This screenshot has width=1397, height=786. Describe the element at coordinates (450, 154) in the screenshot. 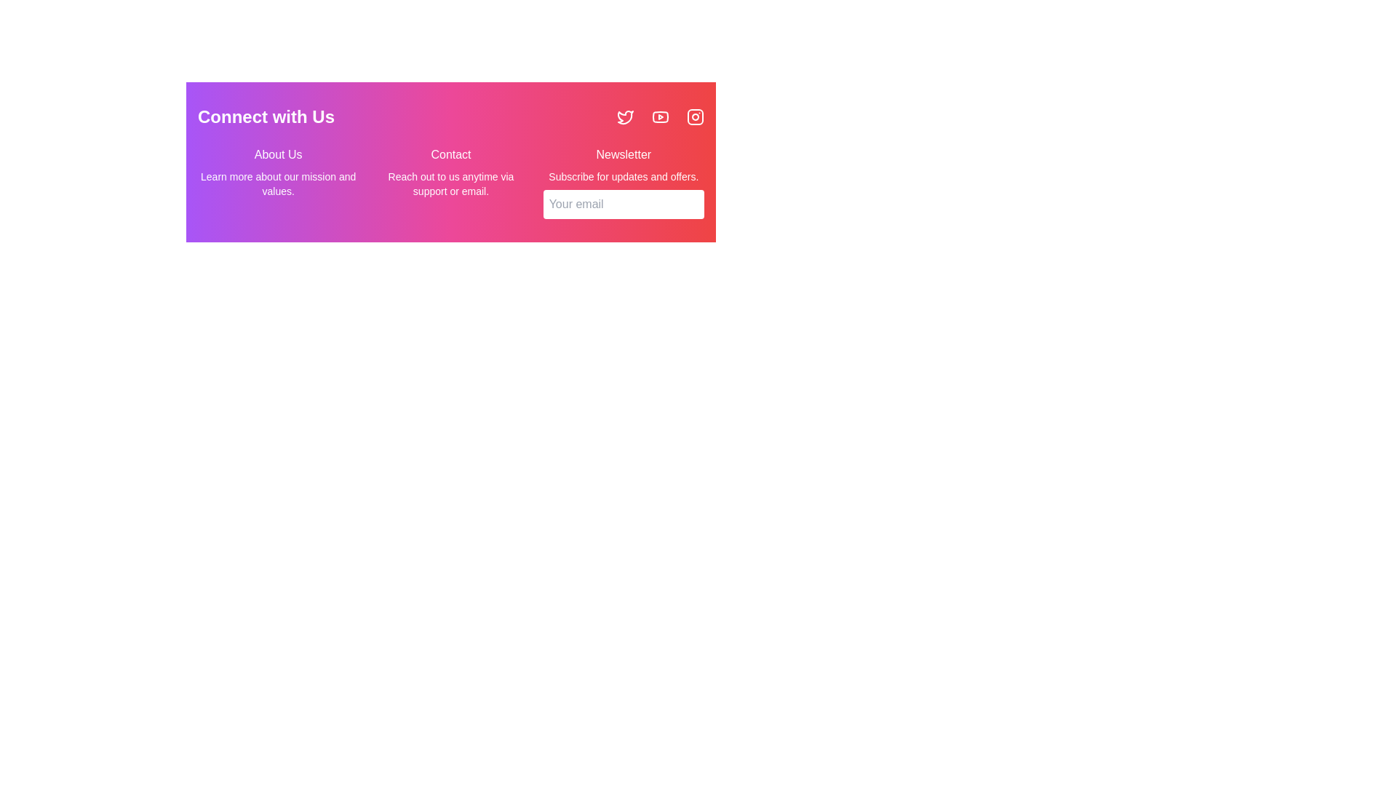

I see `the 'Contact' text element, which is styled with a bold font and is visually distinct against a gradient pink to purple background` at that location.